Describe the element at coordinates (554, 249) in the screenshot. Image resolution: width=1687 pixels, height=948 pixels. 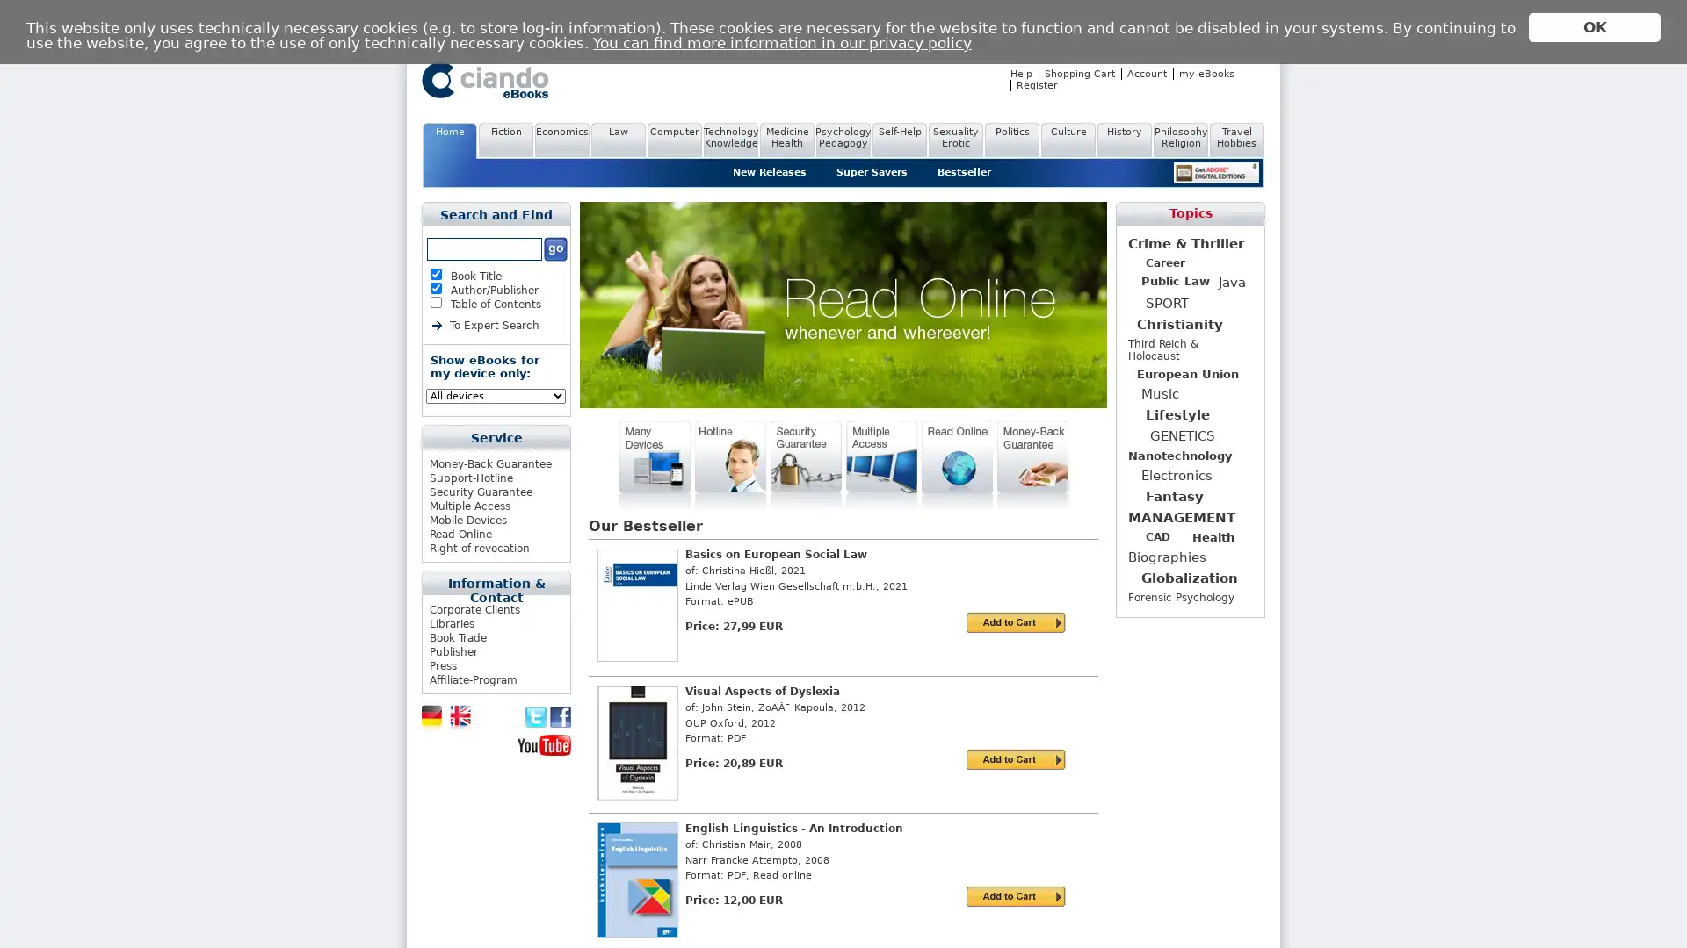
I see `Submit` at that location.